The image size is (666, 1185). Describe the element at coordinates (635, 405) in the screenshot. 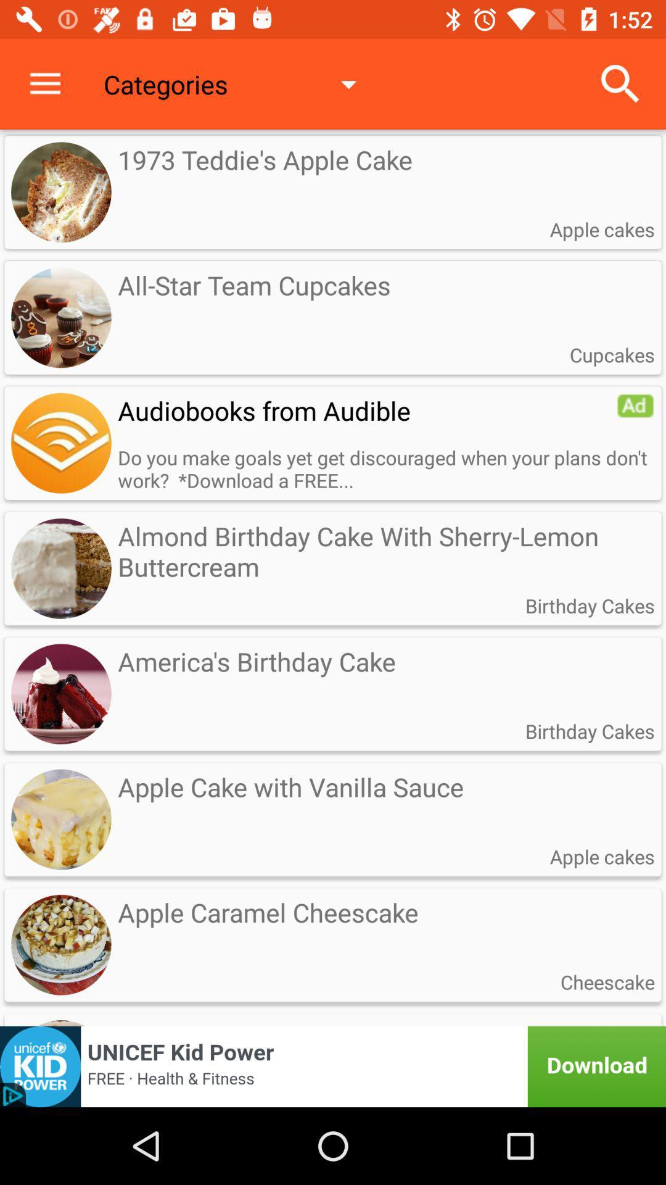

I see `item to the right of audiobooks from audible item` at that location.